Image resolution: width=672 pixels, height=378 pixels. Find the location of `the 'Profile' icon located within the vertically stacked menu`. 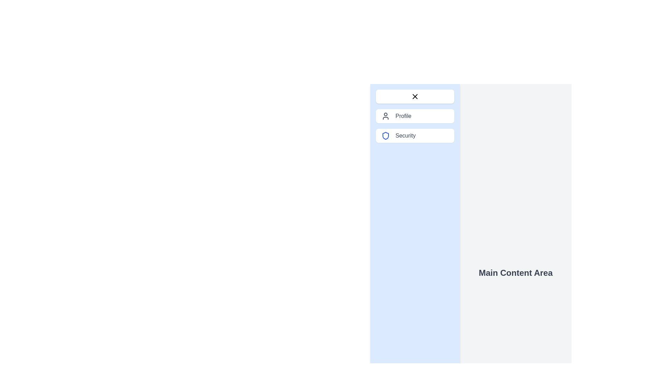

the 'Profile' icon located within the vertically stacked menu is located at coordinates (385, 115).